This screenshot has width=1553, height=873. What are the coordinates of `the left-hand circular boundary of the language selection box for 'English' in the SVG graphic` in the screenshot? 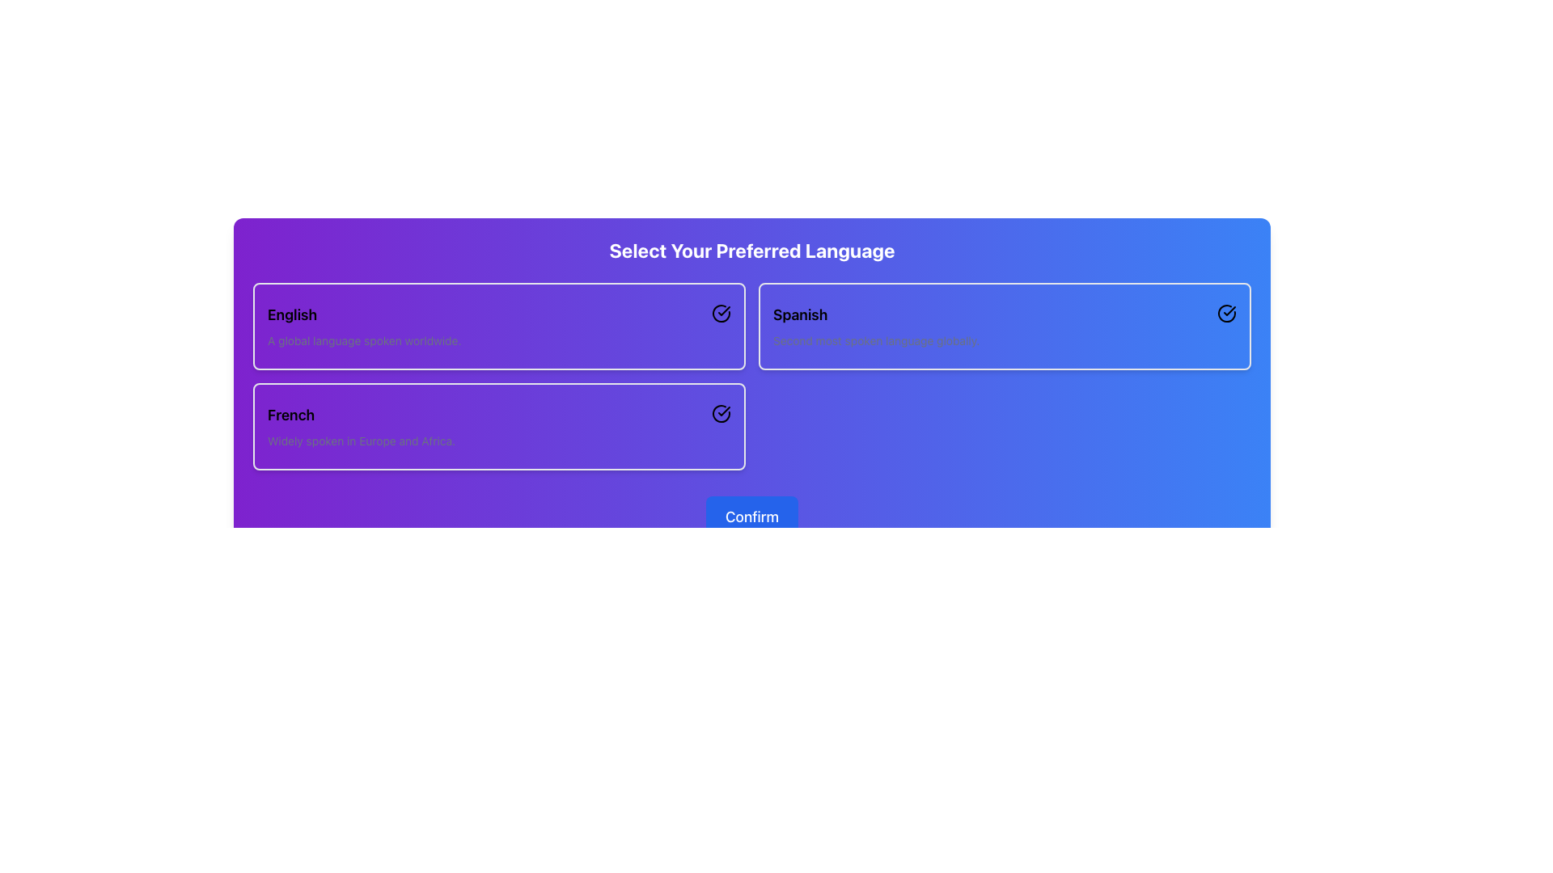 It's located at (721, 314).